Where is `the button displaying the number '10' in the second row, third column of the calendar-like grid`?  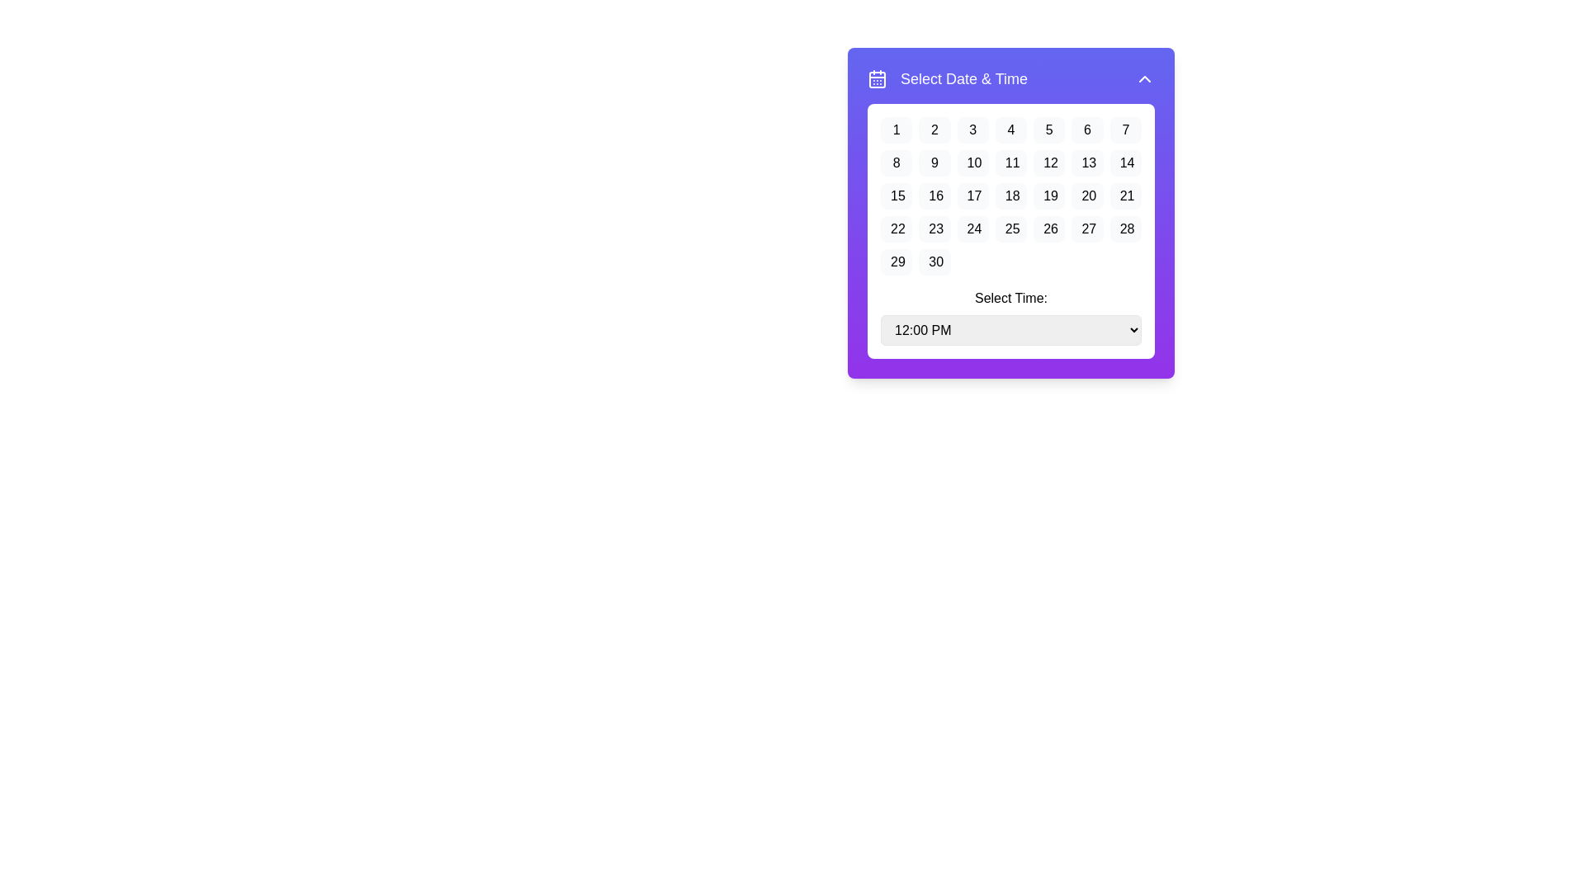
the button displaying the number '10' in the second row, third column of the calendar-like grid is located at coordinates (972, 163).